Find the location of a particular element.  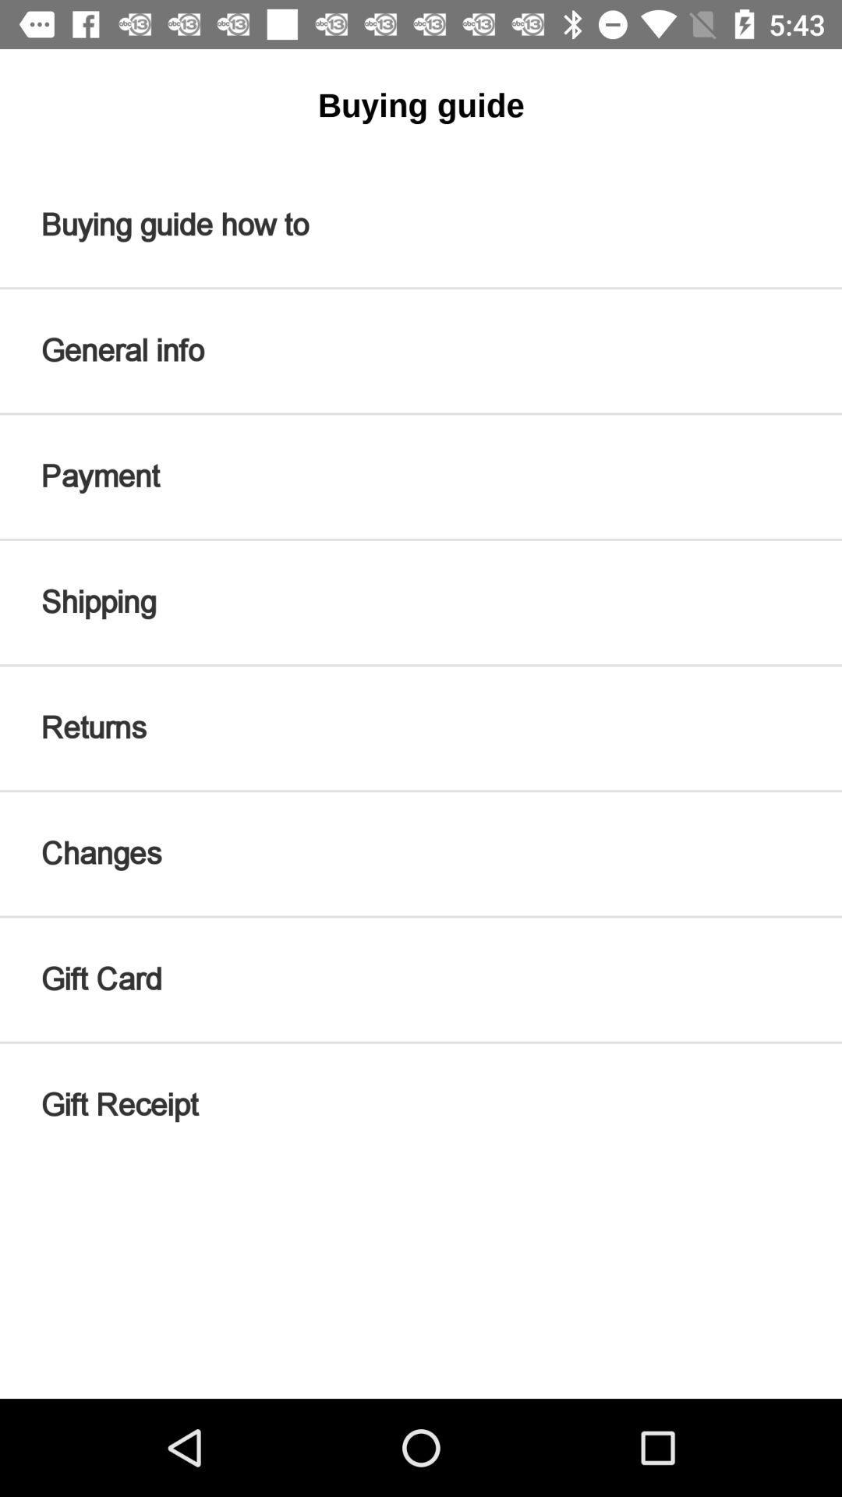

returns is located at coordinates (421, 727).